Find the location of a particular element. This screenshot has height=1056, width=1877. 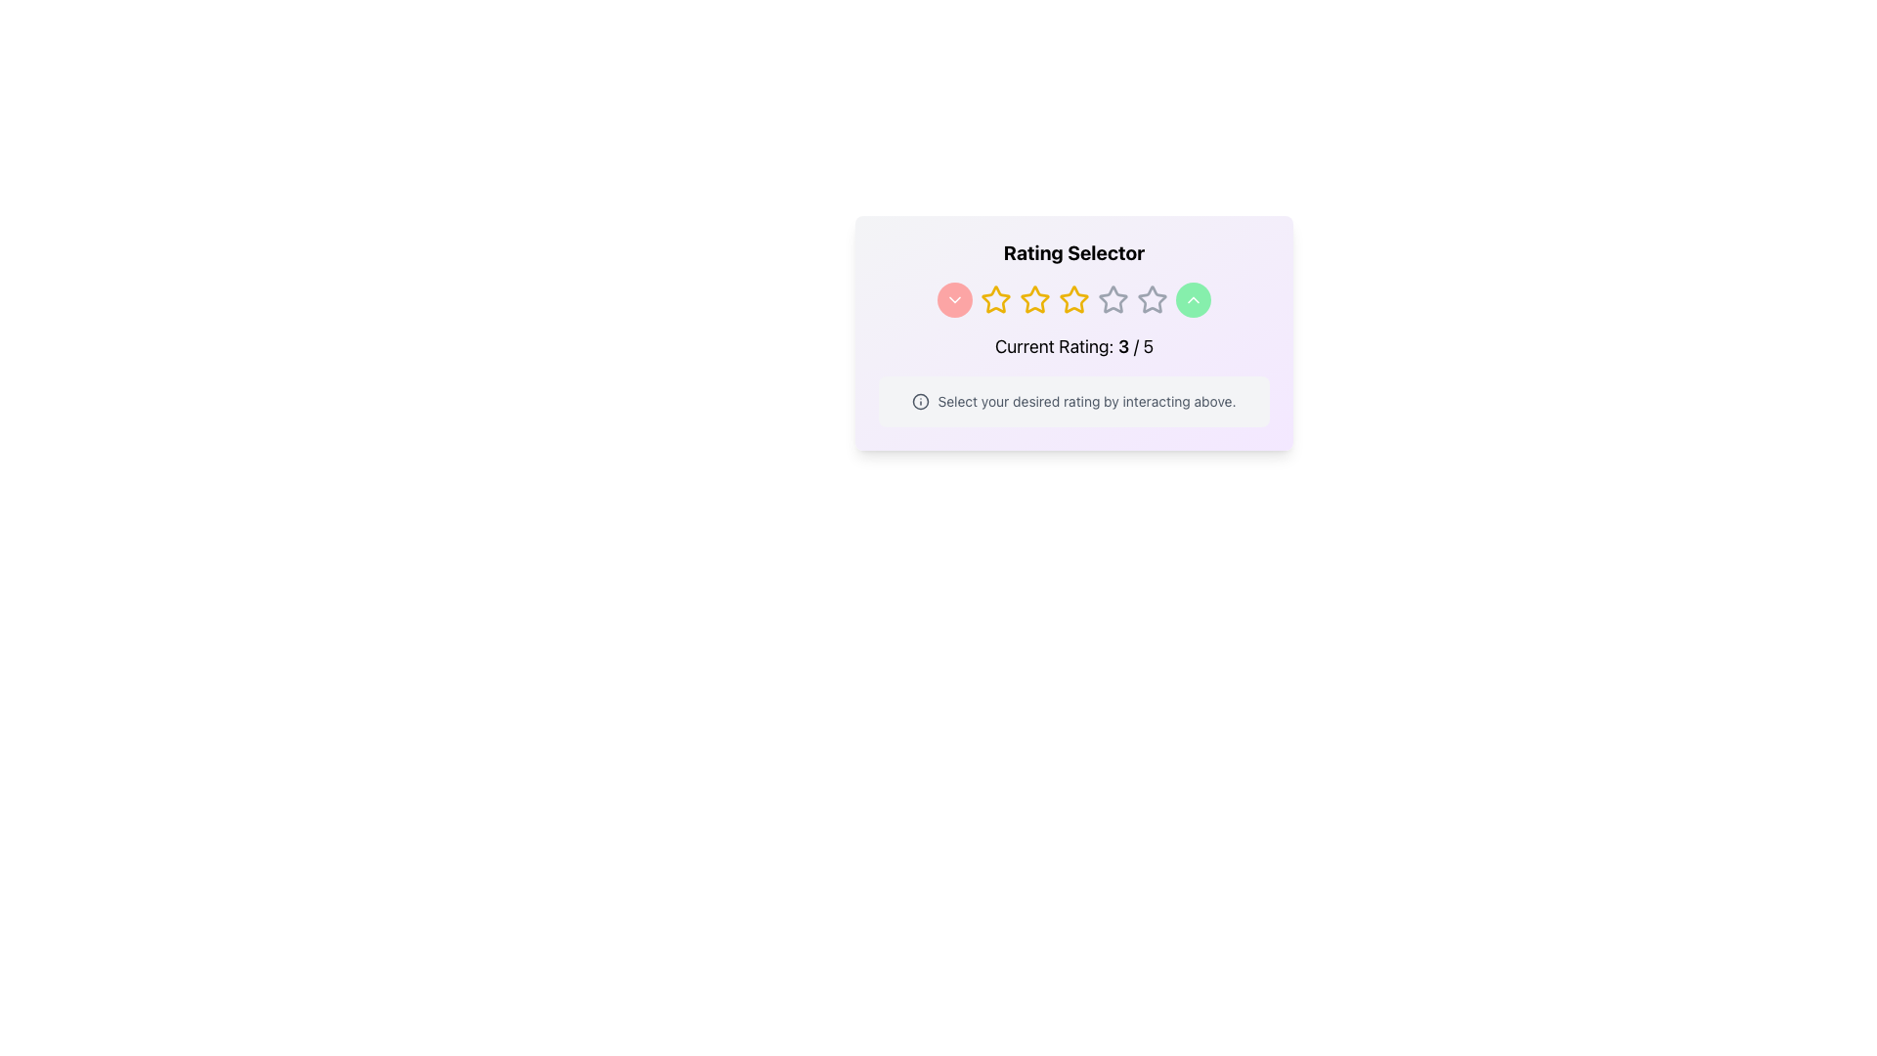

the bold-styled number '3' in the text 'Current Rating: 3 / 5', which is prominently displayed in a larger font size within the centralized card interface is located at coordinates (1123, 345).